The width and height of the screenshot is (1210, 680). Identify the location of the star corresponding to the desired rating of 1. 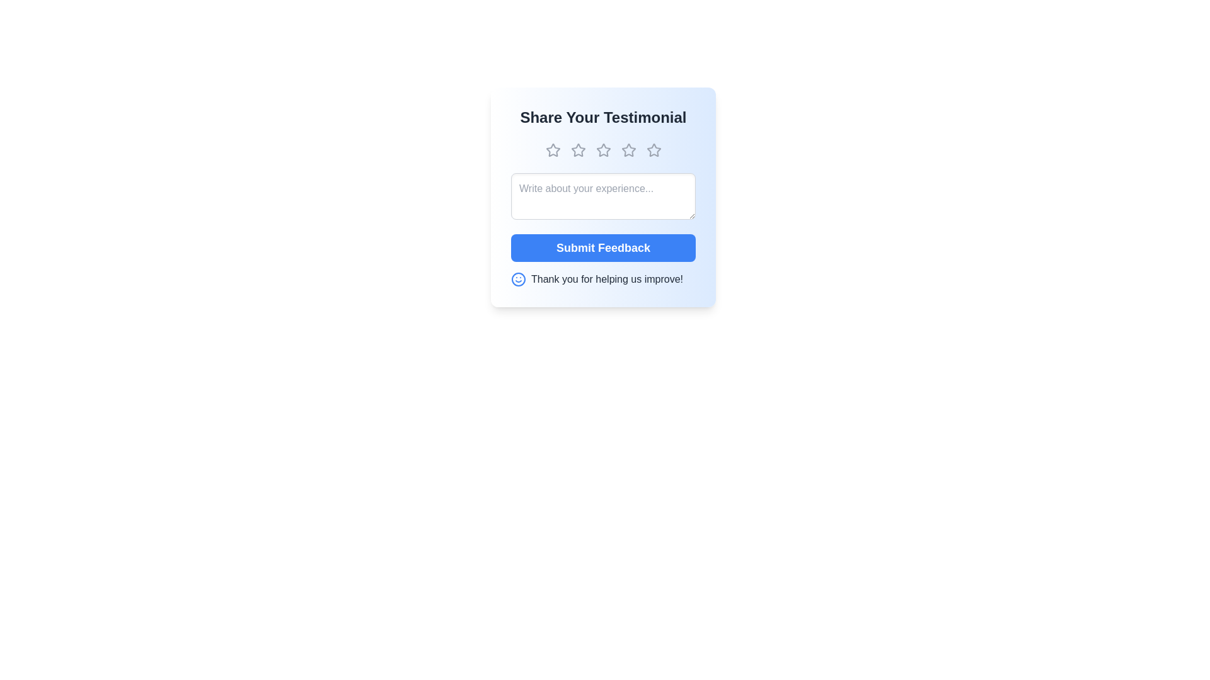
(553, 150).